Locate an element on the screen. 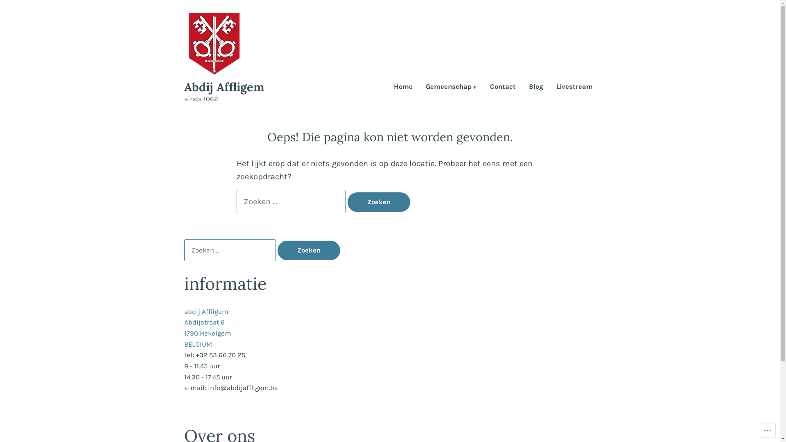  'Blog' is located at coordinates (536, 87).